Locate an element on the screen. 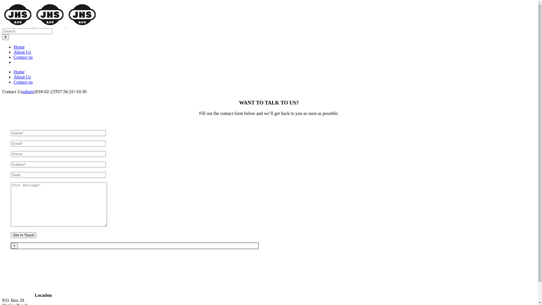 This screenshot has width=542, height=305. 'admin' is located at coordinates (28, 91).